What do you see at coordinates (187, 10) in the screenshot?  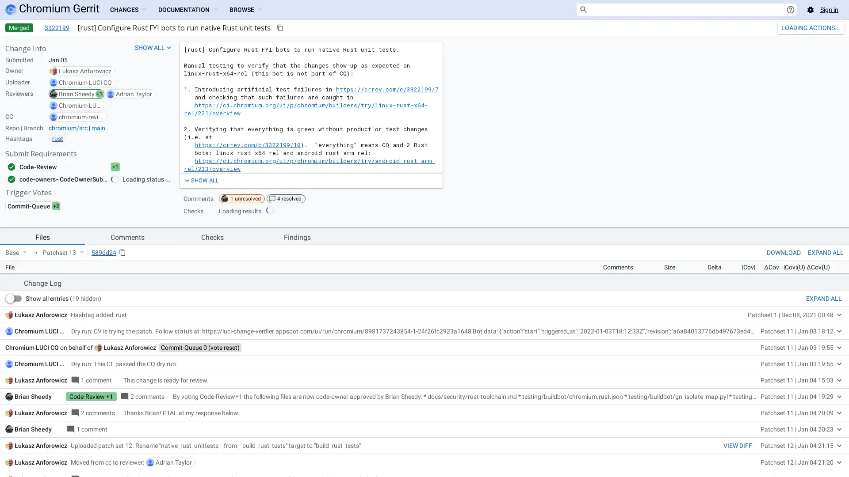 I see `DOCUMENTATION` at bounding box center [187, 10].